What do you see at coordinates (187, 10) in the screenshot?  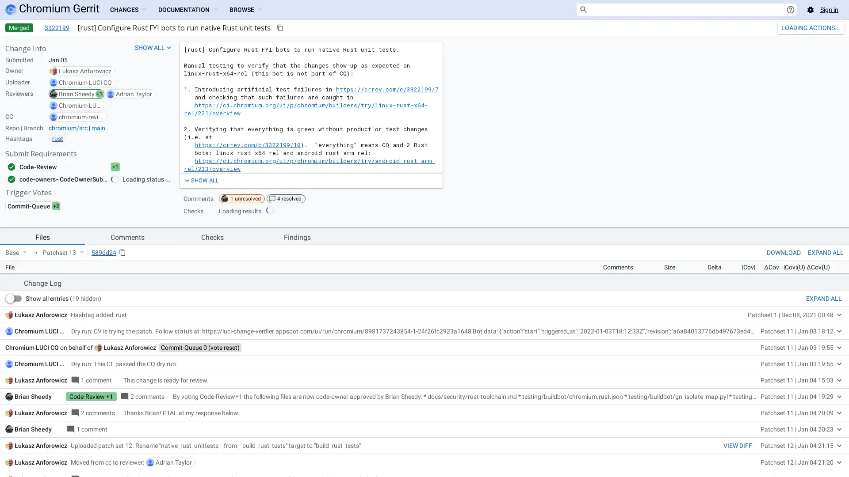 I see `DOCUMENTATION` at bounding box center [187, 10].